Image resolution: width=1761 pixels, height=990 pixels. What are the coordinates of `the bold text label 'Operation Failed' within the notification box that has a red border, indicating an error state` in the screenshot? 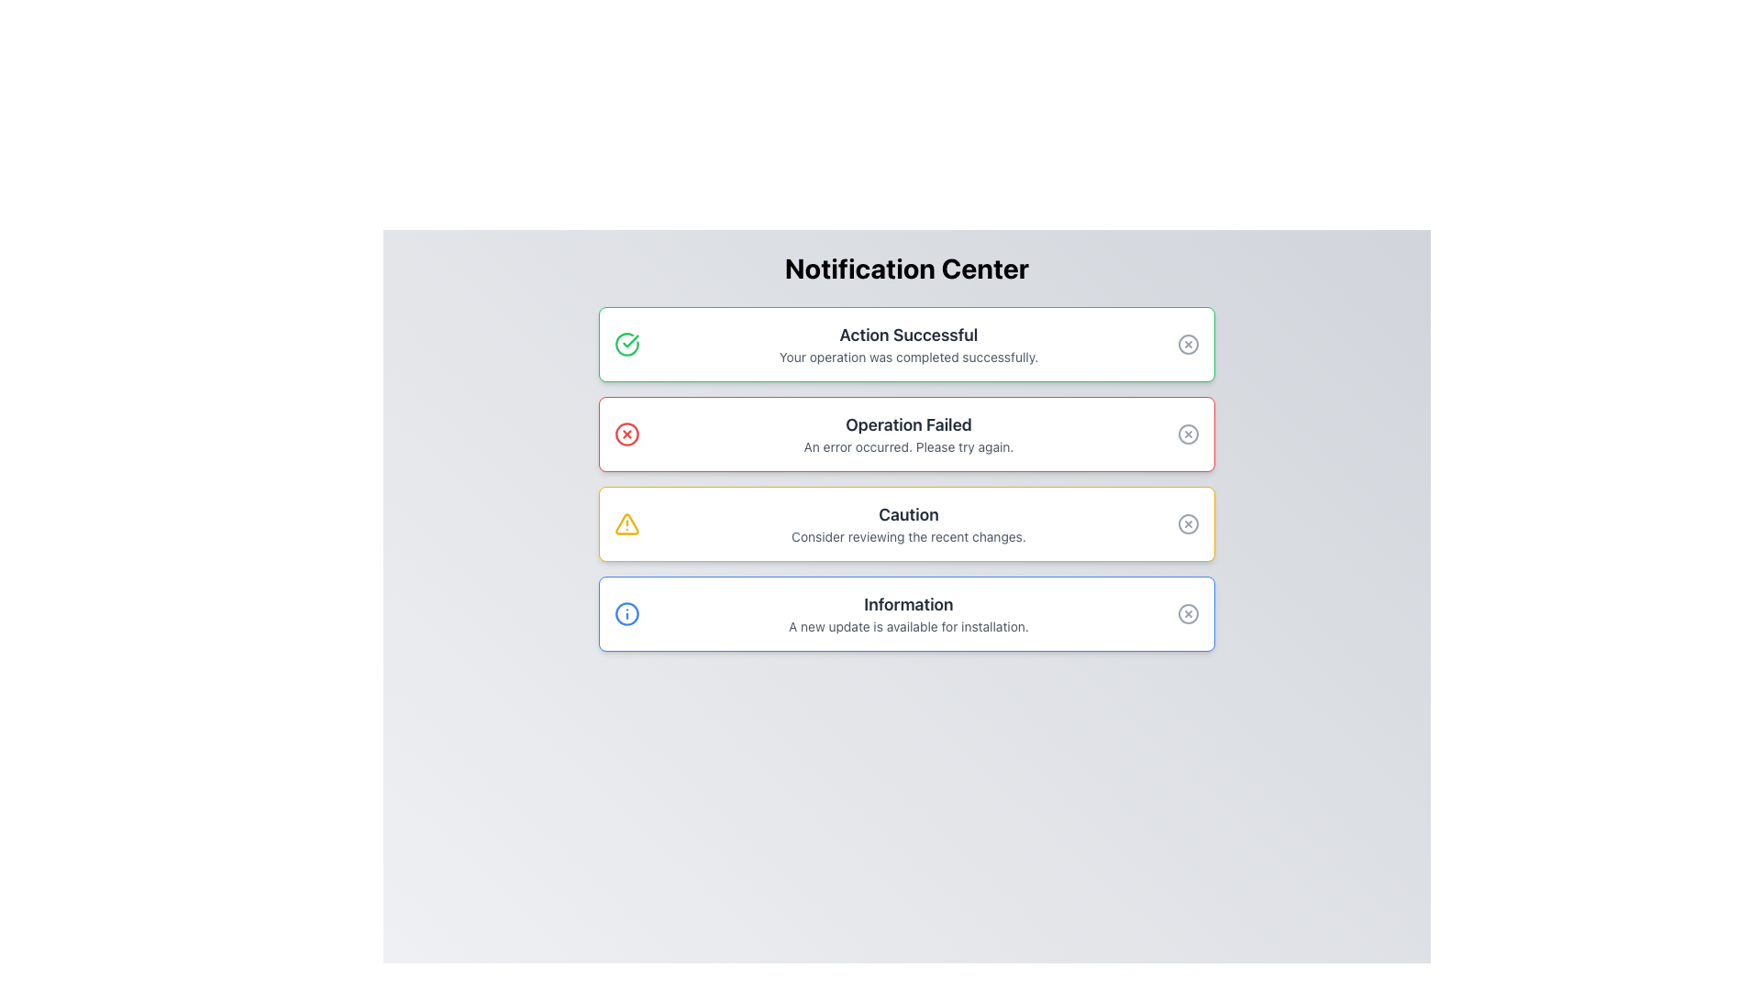 It's located at (908, 424).